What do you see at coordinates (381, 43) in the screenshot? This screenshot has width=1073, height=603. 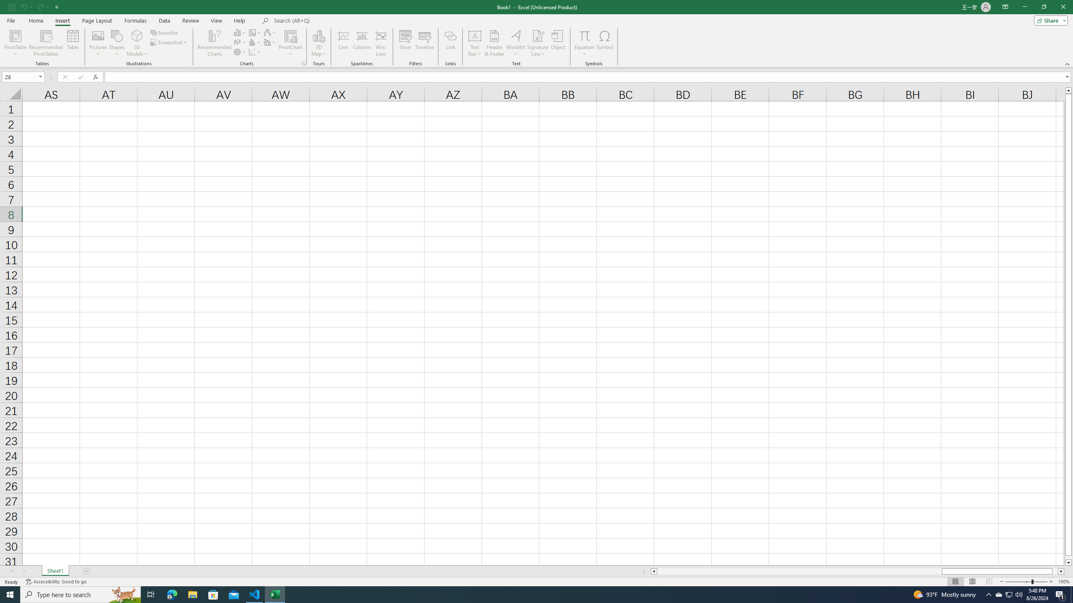 I see `'Win/Loss'` at bounding box center [381, 43].